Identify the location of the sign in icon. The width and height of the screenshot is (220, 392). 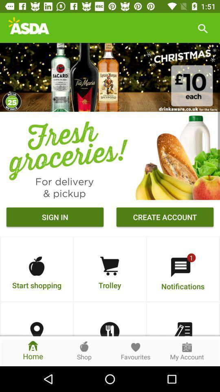
(55, 218).